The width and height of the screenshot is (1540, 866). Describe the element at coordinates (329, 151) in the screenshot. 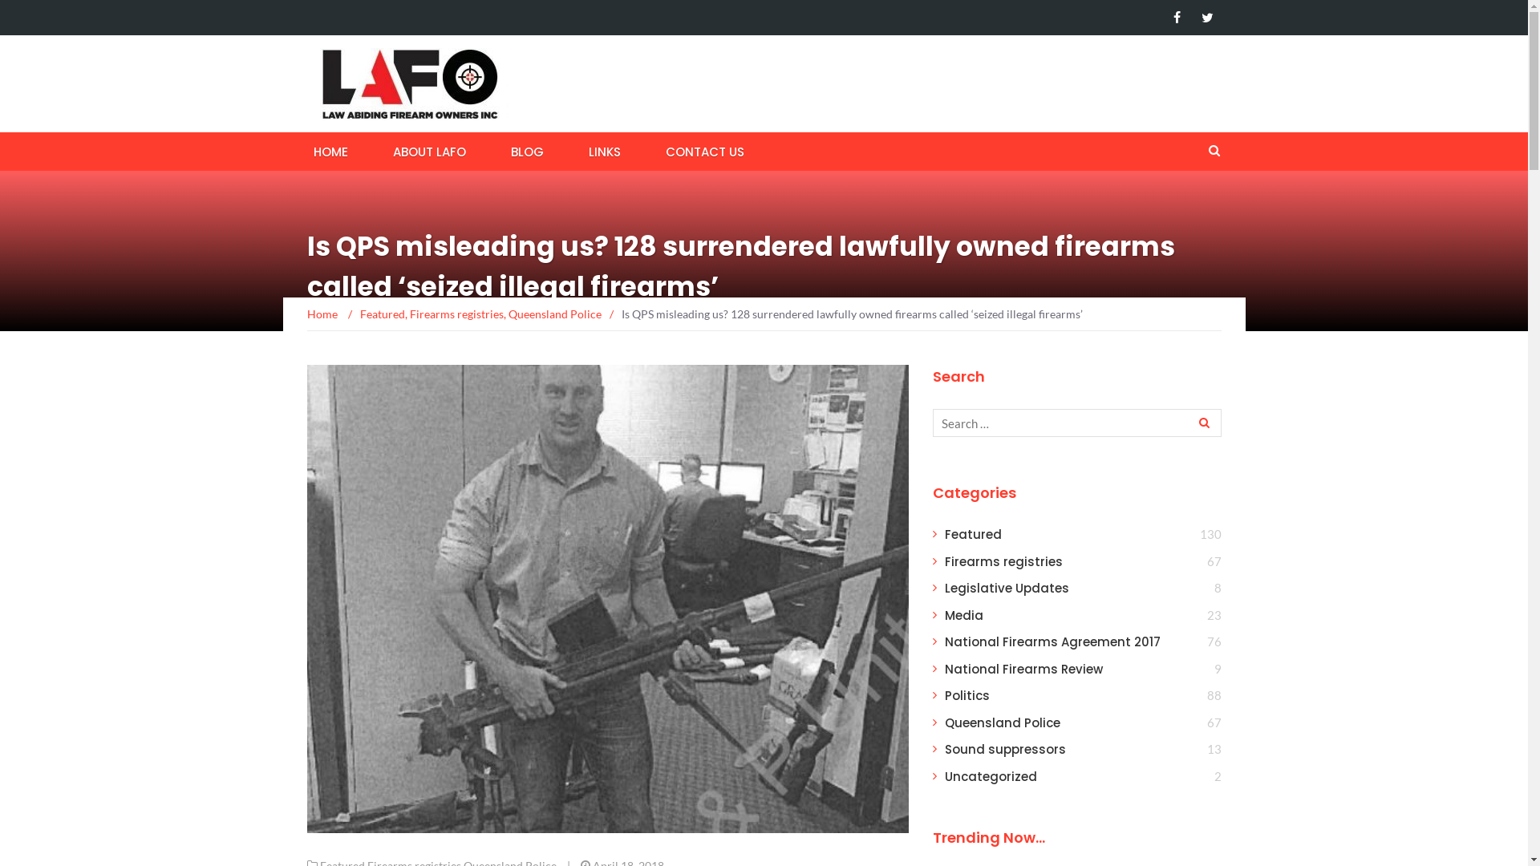

I see `'HOME'` at that location.